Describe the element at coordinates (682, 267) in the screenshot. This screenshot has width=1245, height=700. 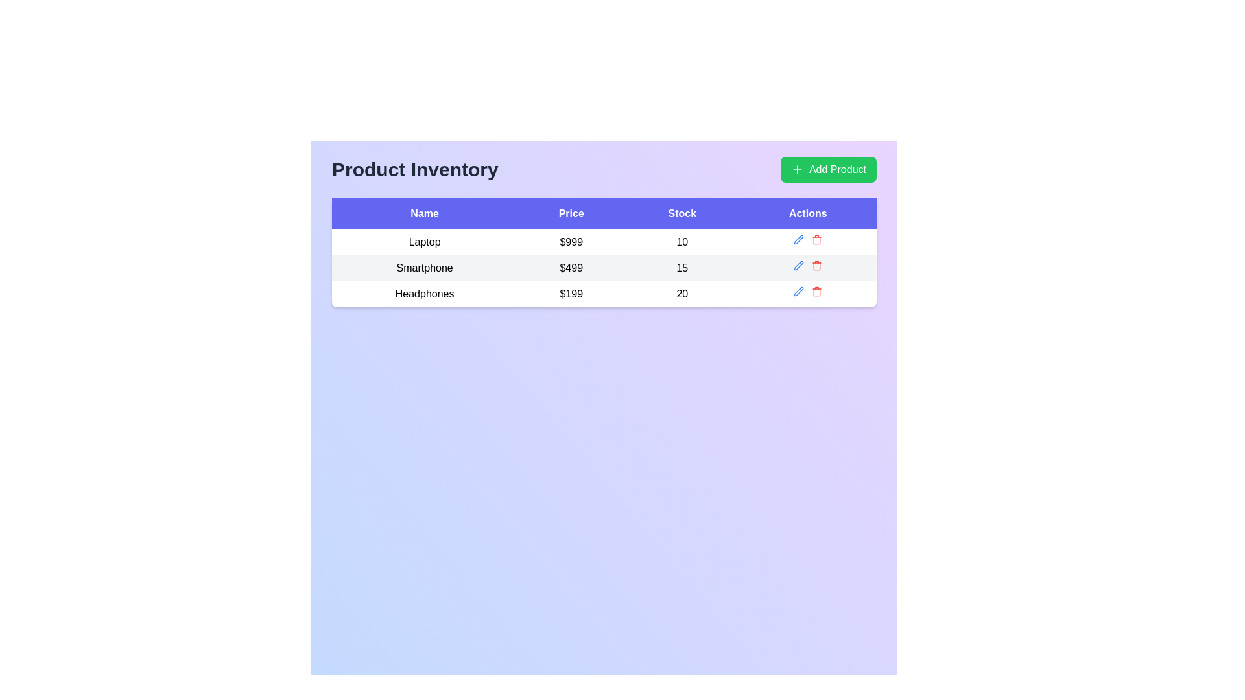
I see `inventory count for the 'Smartphone' product located in the second row of the stock column in the displayed table` at that location.